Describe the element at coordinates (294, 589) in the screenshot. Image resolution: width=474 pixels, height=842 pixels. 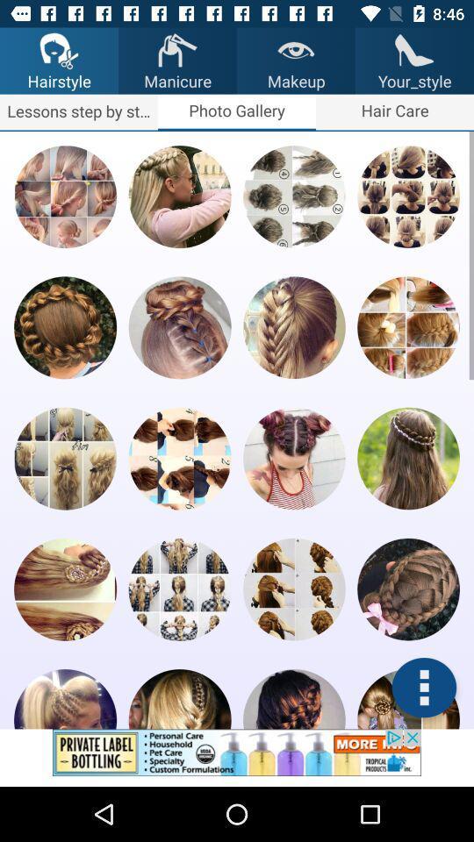
I see `photo` at that location.